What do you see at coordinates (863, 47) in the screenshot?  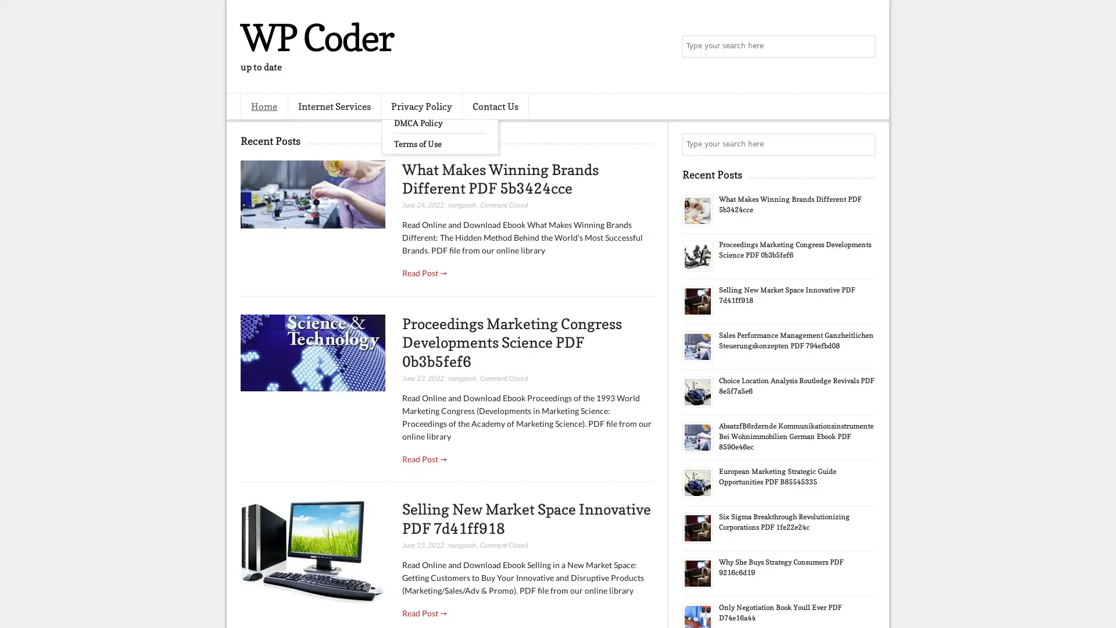 I see `Search` at bounding box center [863, 47].